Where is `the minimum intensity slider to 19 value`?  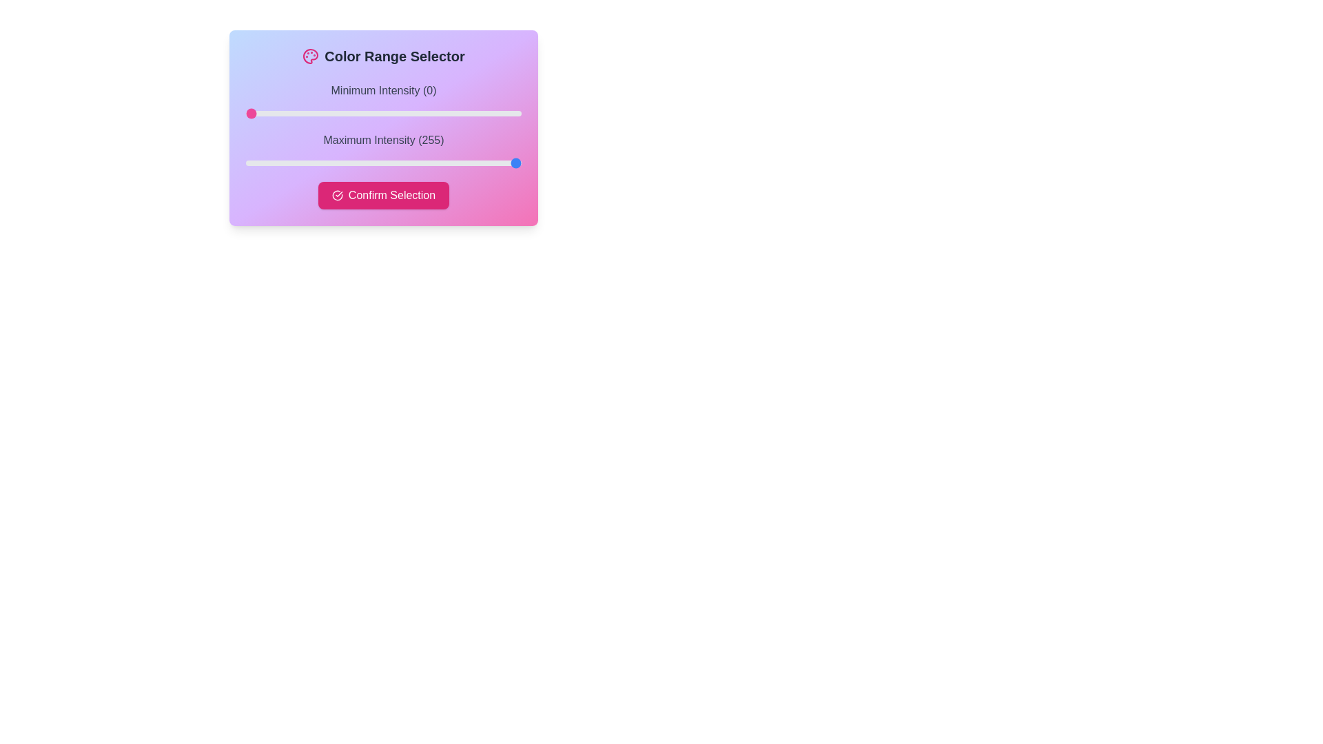 the minimum intensity slider to 19 value is located at coordinates (266, 113).